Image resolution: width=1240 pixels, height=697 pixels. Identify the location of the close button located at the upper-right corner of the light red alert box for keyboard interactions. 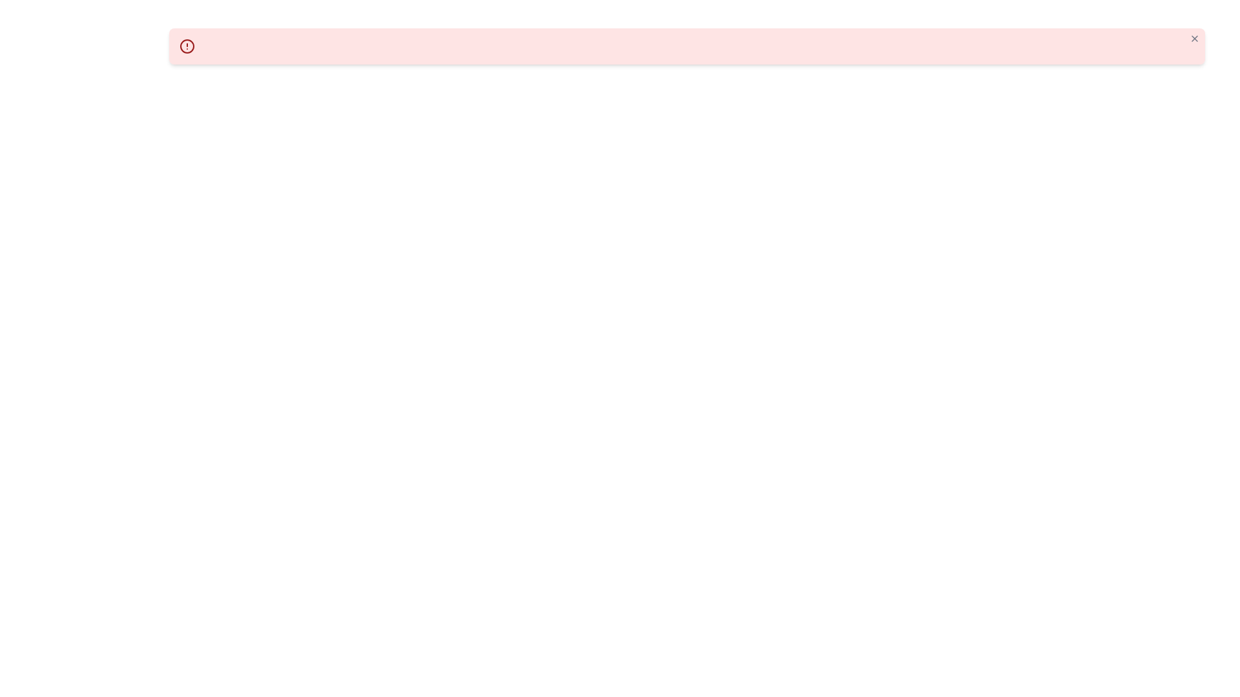
(1193, 38).